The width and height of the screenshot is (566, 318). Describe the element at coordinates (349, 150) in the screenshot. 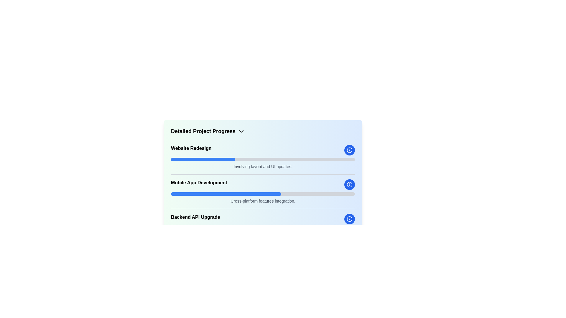

I see `the Information icon button located` at that location.